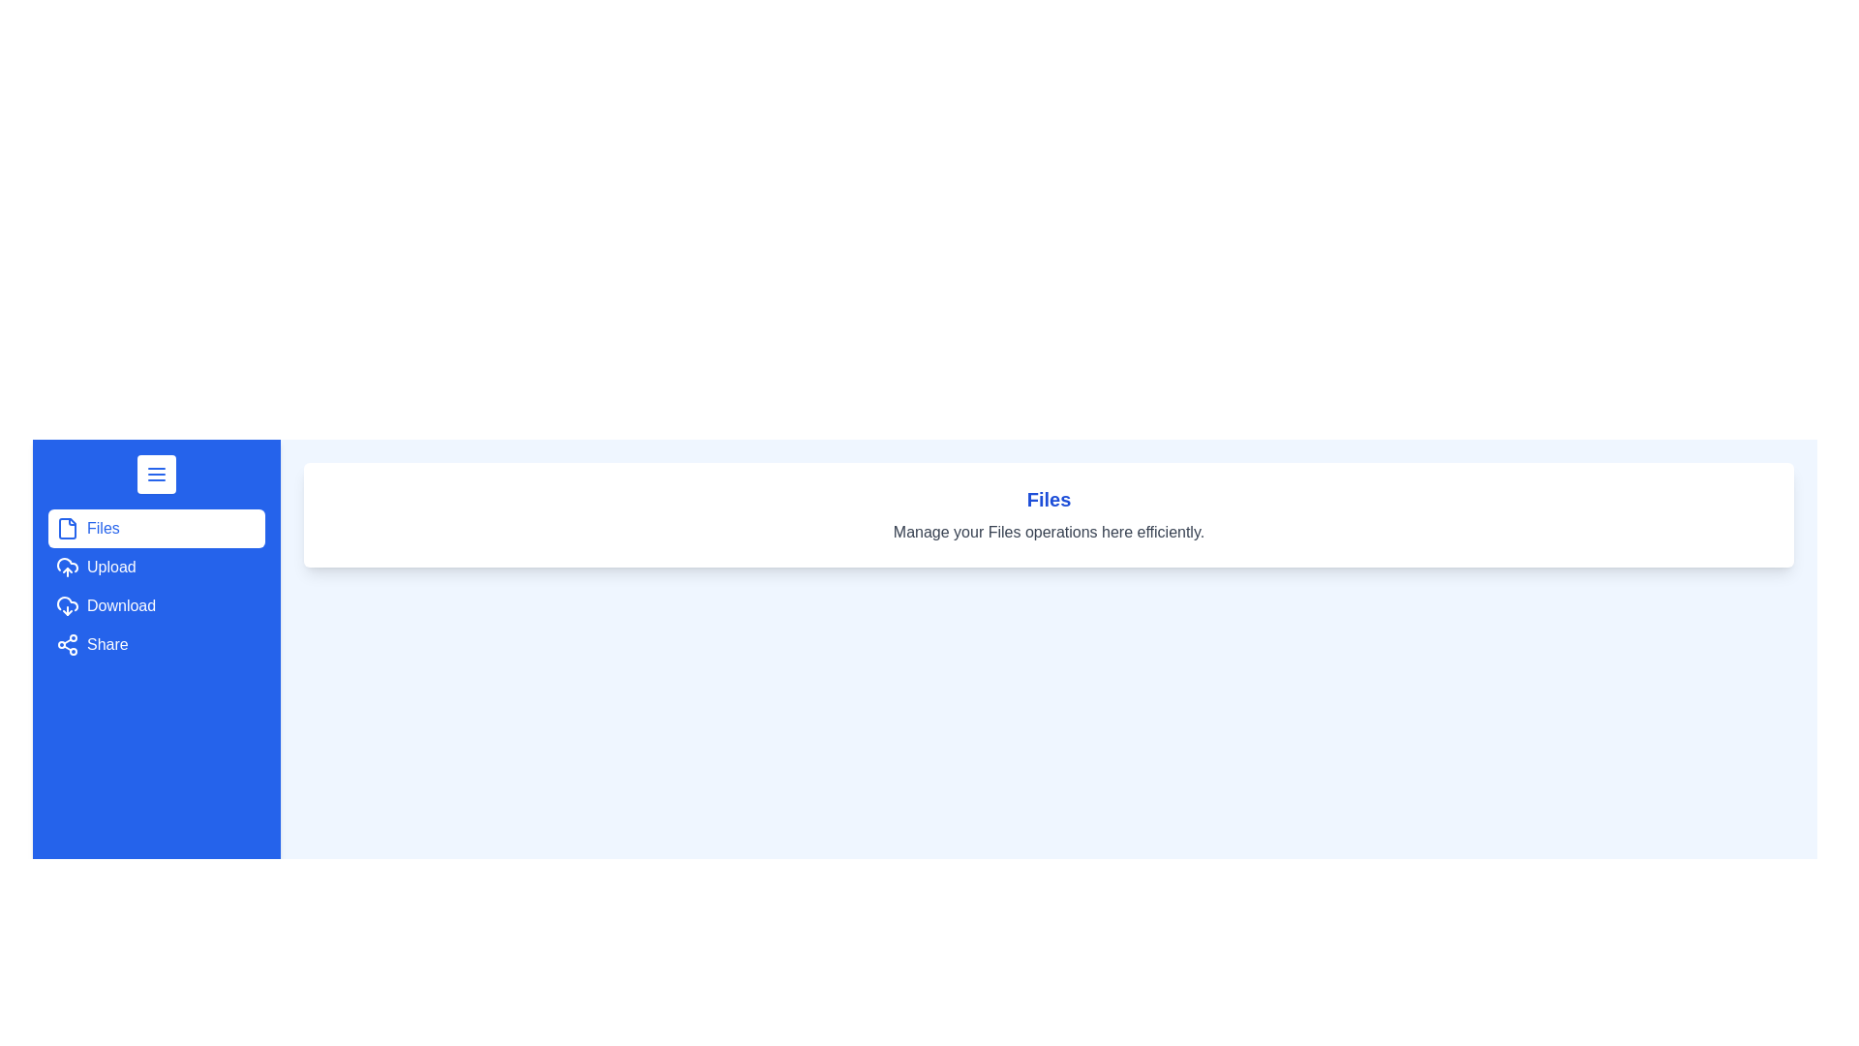  Describe the element at coordinates (157, 529) in the screenshot. I see `the menu option Files from the drawer` at that location.